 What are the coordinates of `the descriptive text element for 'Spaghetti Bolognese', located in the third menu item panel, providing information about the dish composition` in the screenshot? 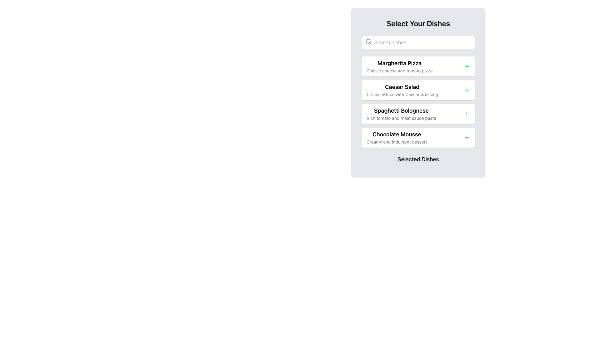 It's located at (401, 118).